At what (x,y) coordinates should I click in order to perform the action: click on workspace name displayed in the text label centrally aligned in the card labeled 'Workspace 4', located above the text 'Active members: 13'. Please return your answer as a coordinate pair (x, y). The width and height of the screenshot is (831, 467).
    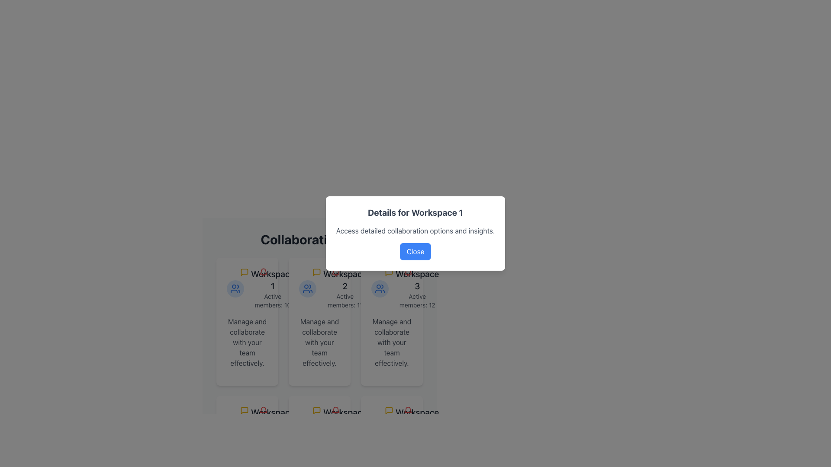
    Looking at the image, I should click on (272, 418).